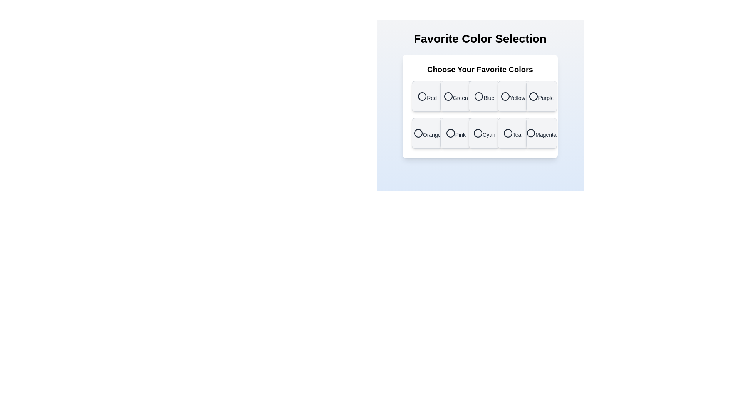 Image resolution: width=739 pixels, height=415 pixels. Describe the element at coordinates (484, 96) in the screenshot. I see `the color Blue` at that location.